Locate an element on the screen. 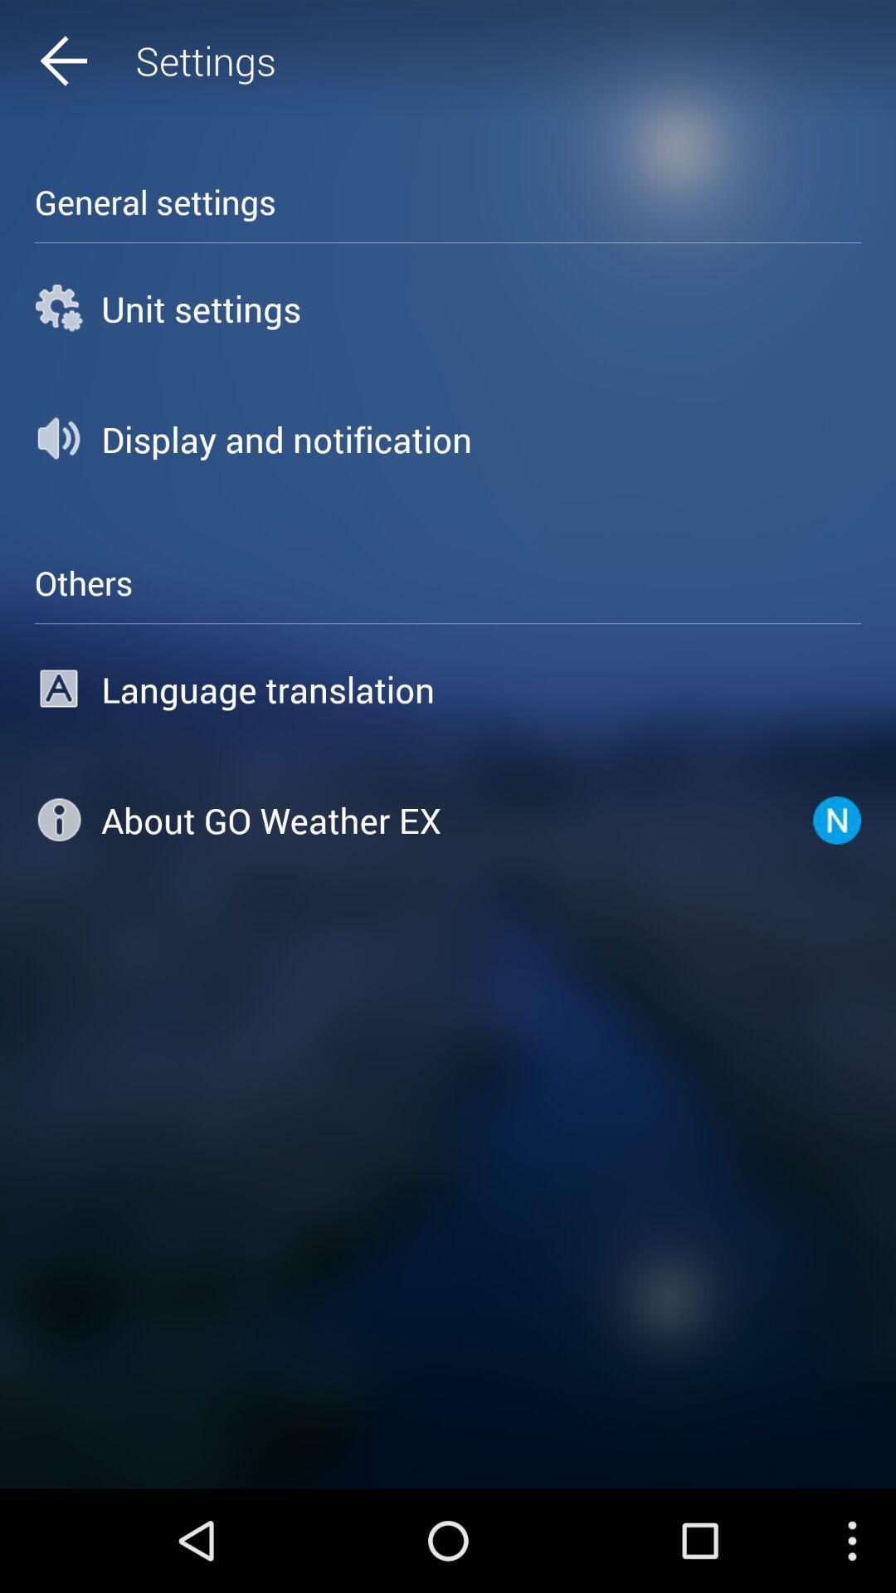 This screenshot has width=896, height=1593. unit settings icon is located at coordinates (448, 308).